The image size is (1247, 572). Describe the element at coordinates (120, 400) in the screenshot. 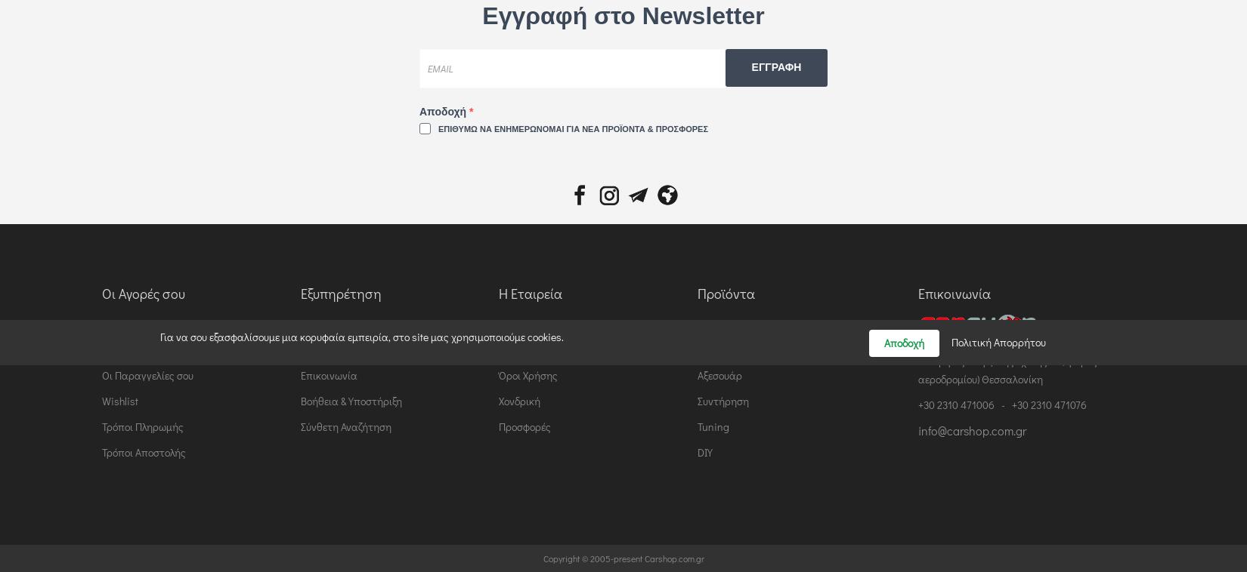

I see `'Wishlist'` at that location.